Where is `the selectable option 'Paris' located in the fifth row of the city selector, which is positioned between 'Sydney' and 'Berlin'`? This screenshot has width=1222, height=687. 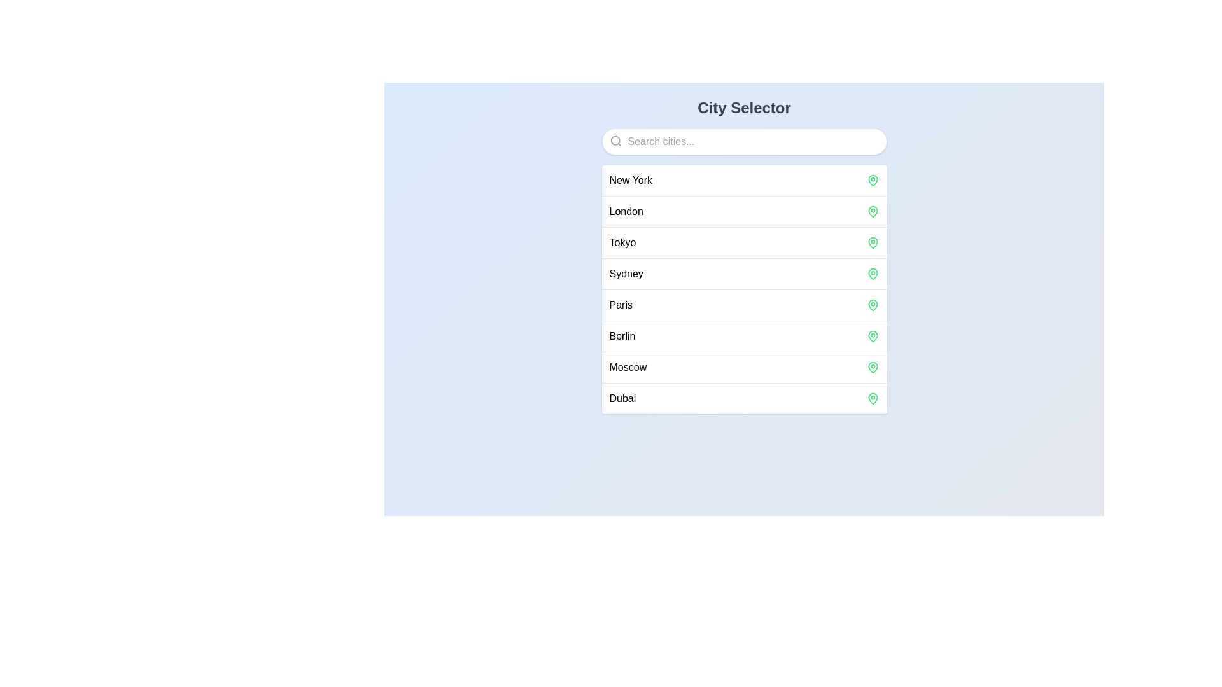
the selectable option 'Paris' located in the fifth row of the city selector, which is positioned between 'Sydney' and 'Berlin' is located at coordinates (621, 305).